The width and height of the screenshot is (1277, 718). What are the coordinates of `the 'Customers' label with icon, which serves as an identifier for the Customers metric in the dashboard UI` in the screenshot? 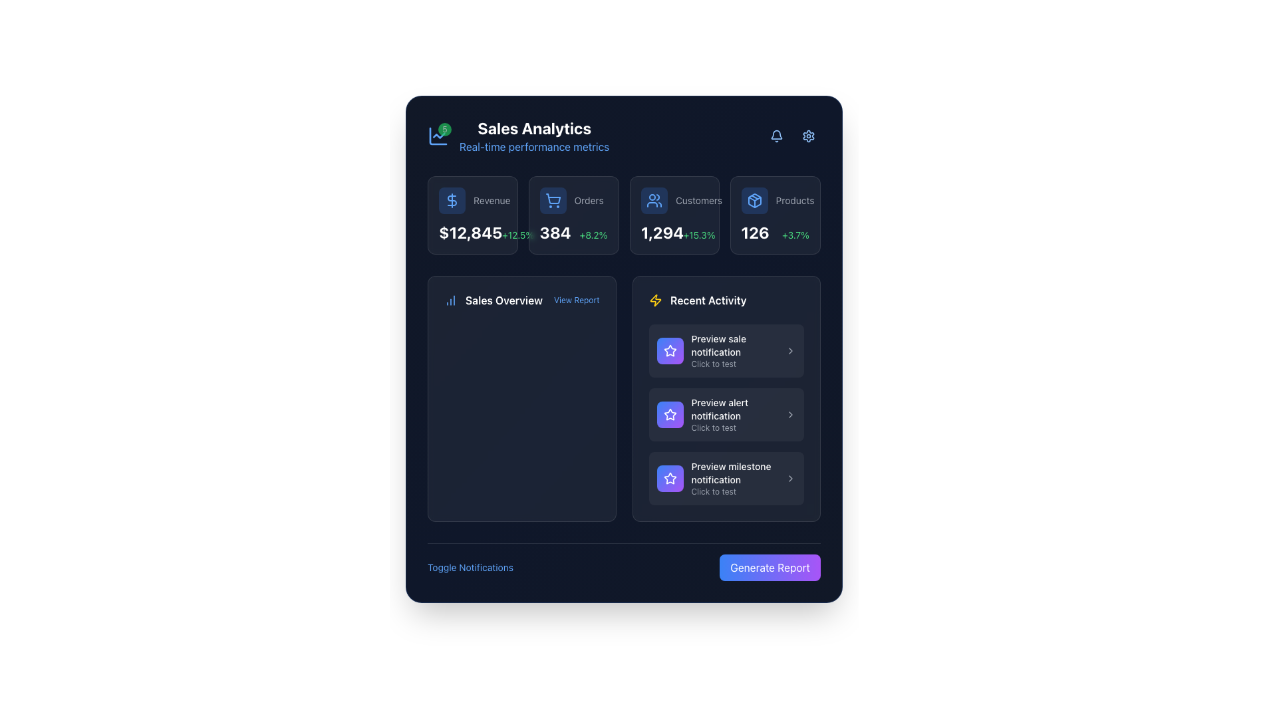 It's located at (674, 200).